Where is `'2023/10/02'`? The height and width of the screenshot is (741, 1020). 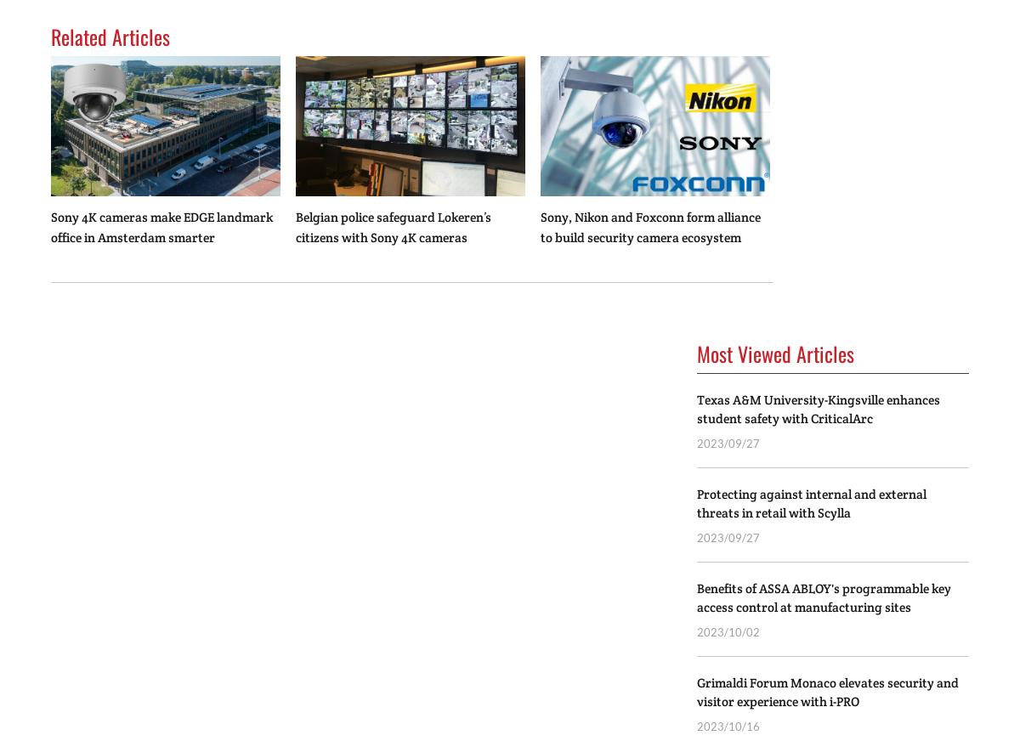 '2023/10/02' is located at coordinates (728, 631).